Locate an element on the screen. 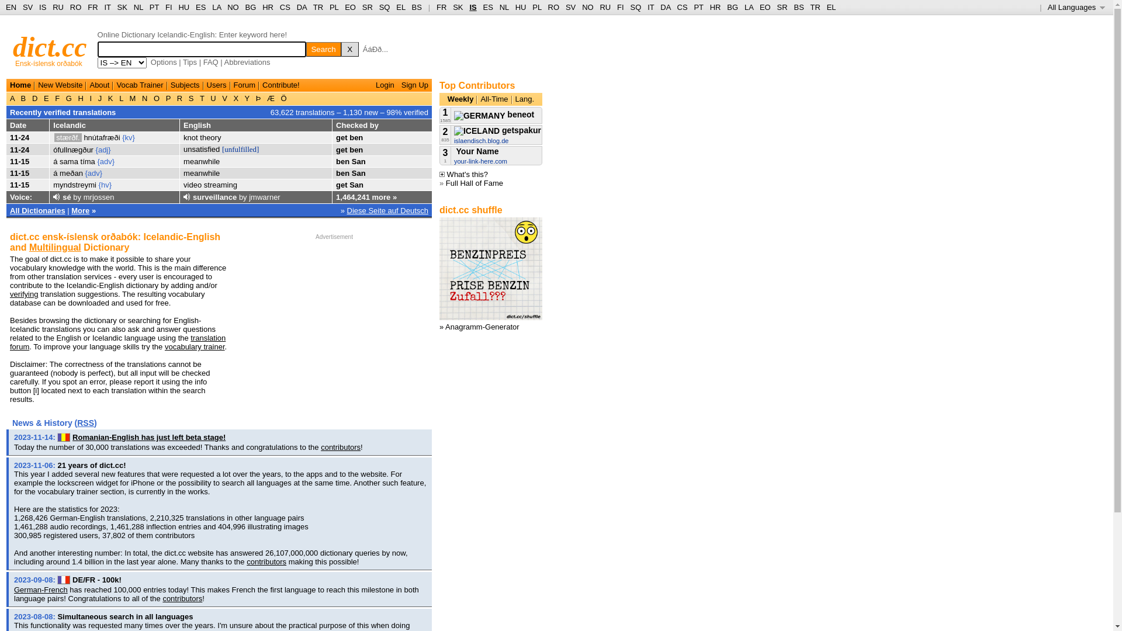 The image size is (1122, 631). 'ES' is located at coordinates (200, 7).